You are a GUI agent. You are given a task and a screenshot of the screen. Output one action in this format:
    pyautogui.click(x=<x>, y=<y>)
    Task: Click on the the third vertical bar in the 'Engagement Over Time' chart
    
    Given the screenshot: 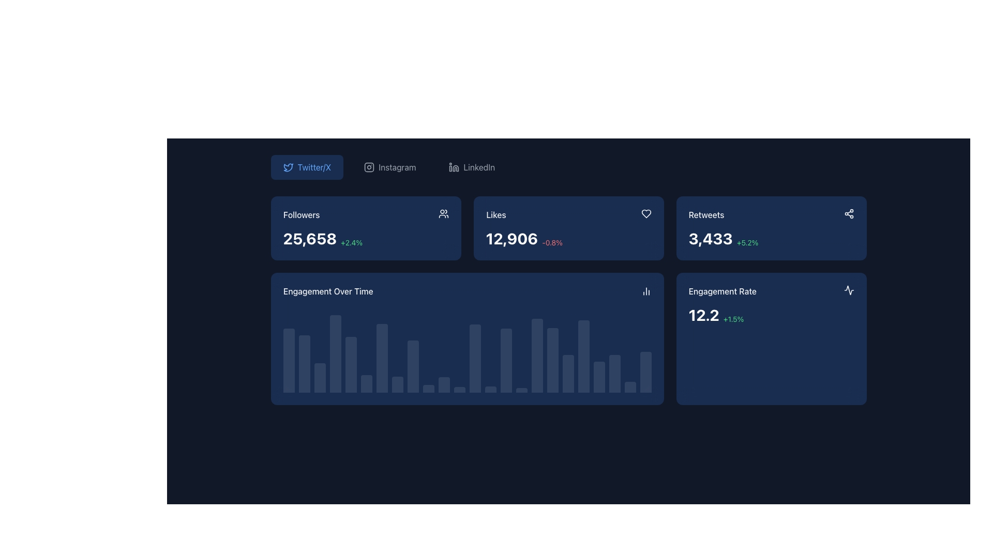 What is the action you would take?
    pyautogui.click(x=319, y=378)
    